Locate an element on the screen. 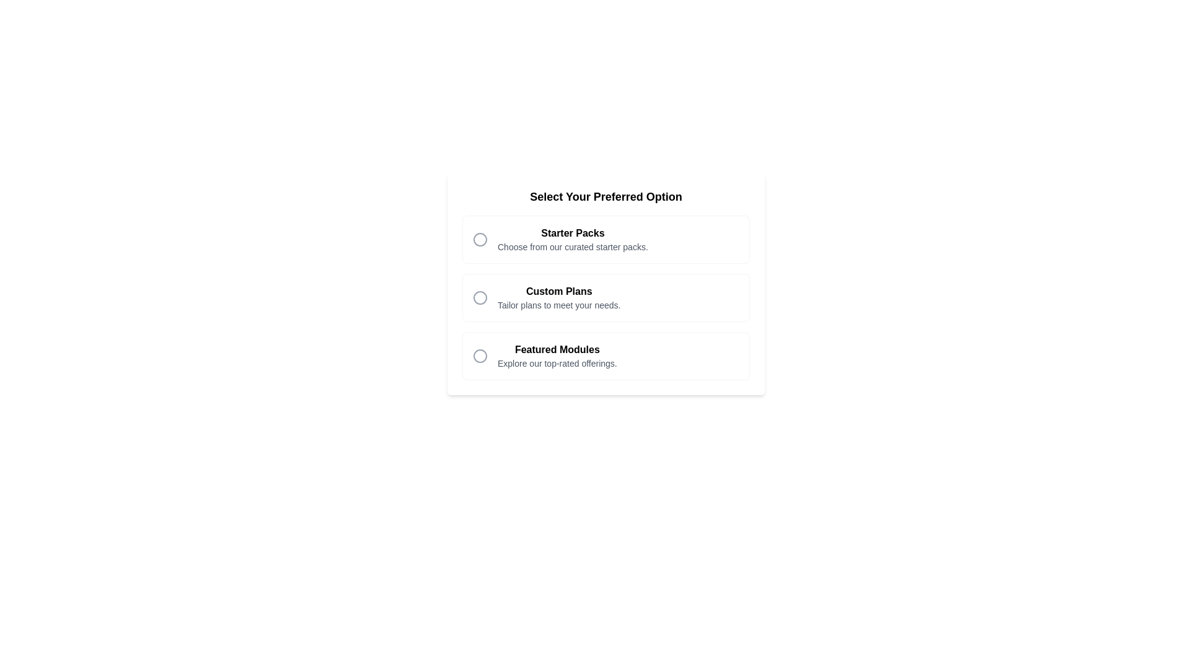 This screenshot has height=669, width=1190. the informative Text Component located underneath the 'Featured Modules' section, which provides additional information about it is located at coordinates (557, 362).